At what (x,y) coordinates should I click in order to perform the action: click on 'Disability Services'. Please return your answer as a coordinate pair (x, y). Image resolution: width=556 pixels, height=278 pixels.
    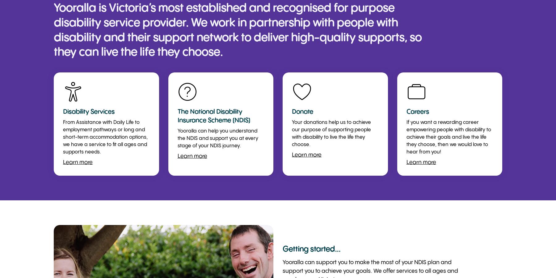
    Looking at the image, I should click on (88, 112).